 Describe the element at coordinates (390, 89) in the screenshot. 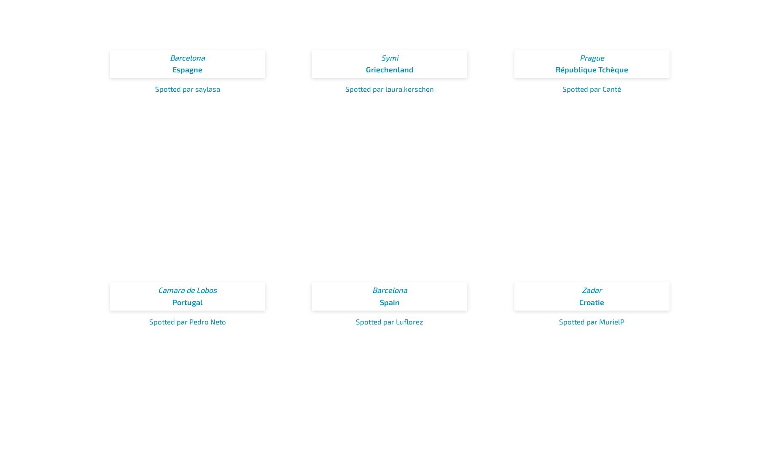

I see `'Spotted par laura.kerschen'` at that location.